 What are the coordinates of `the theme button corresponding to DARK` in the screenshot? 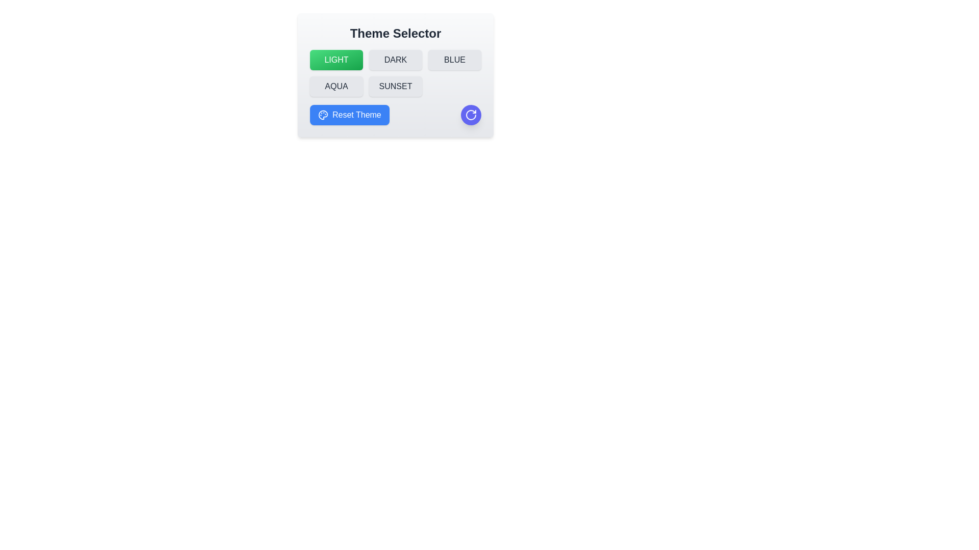 It's located at (395, 60).